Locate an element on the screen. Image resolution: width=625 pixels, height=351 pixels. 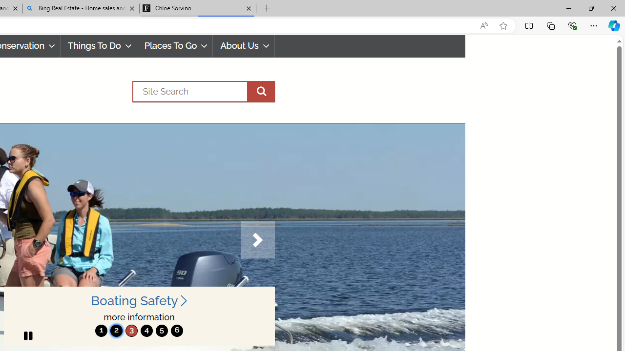
'Bing Real Estate - Home sales and rental listings' is located at coordinates (81, 8).